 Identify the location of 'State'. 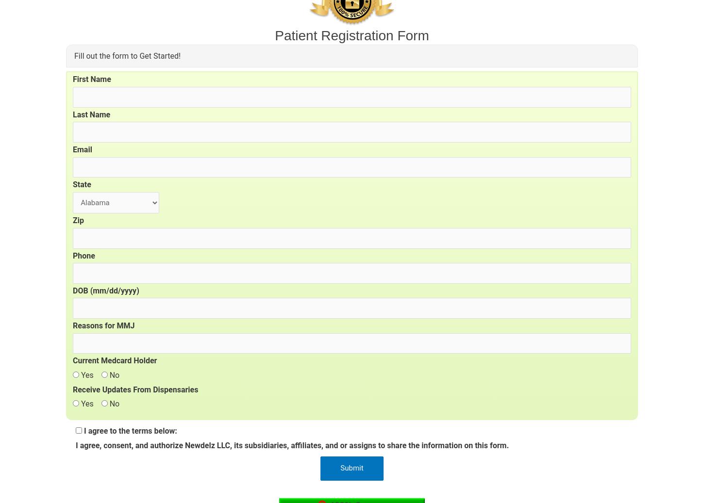
(81, 184).